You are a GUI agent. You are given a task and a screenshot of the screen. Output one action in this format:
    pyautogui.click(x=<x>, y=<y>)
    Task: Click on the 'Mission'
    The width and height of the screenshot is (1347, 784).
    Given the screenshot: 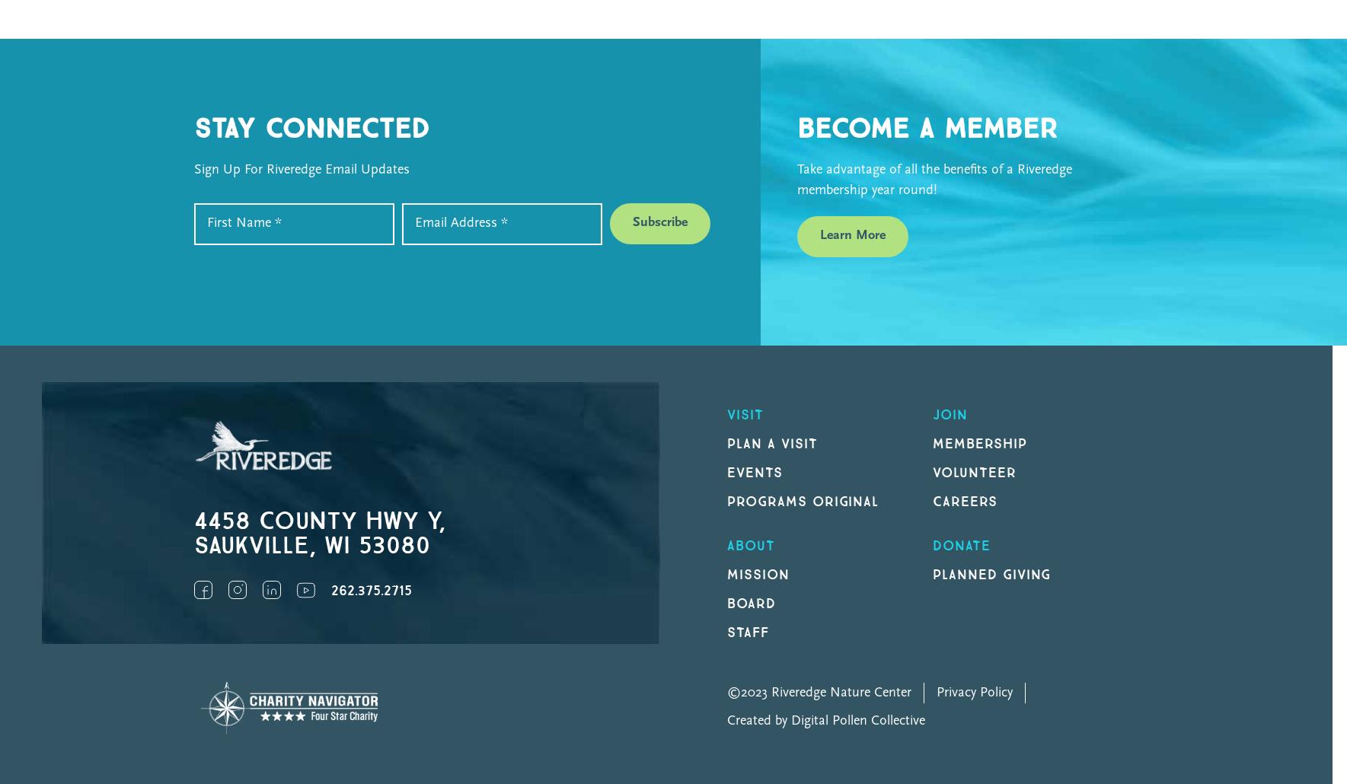 What is the action you would take?
    pyautogui.click(x=758, y=574)
    